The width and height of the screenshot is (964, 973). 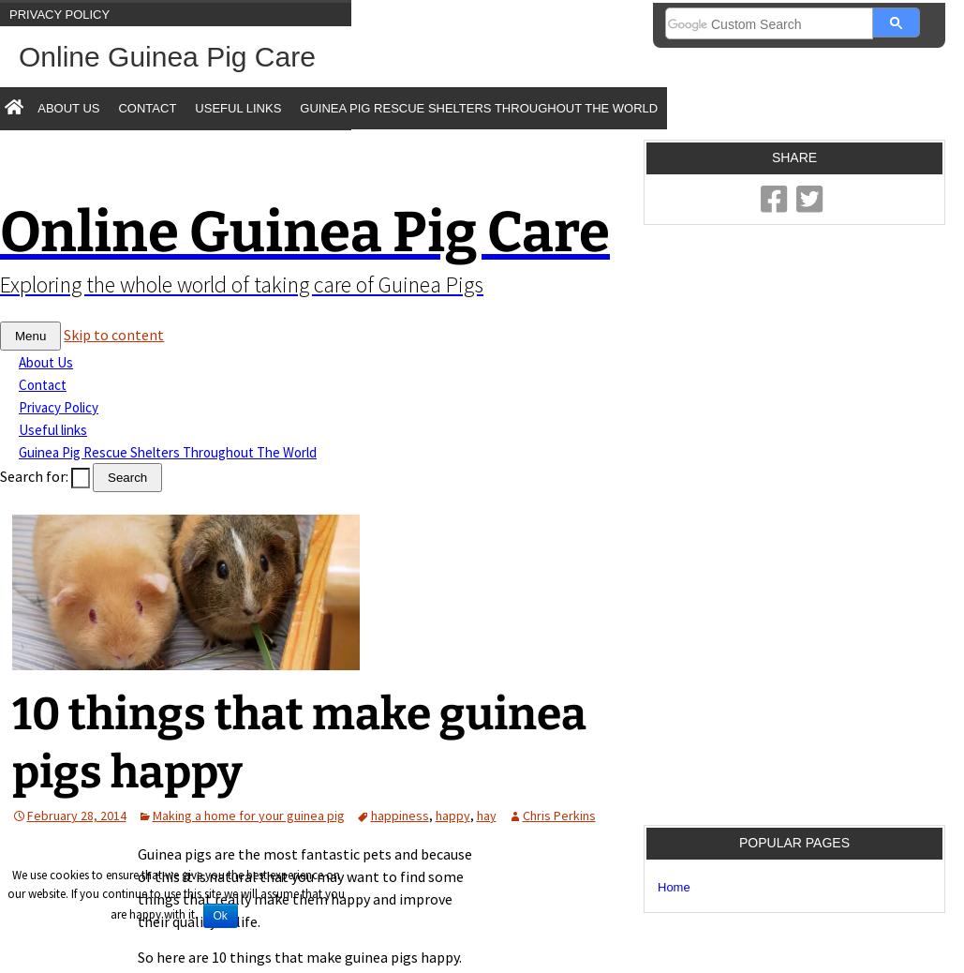 What do you see at coordinates (398, 815) in the screenshot?
I see `'happiness'` at bounding box center [398, 815].